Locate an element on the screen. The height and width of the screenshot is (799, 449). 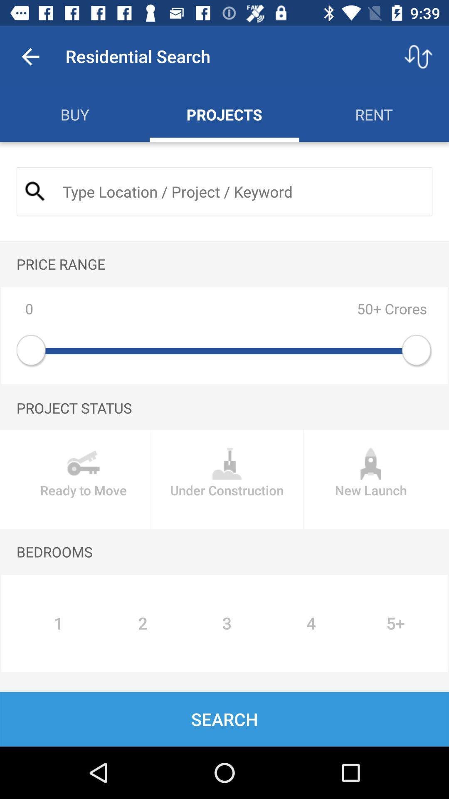
the right side of search icon is located at coordinates (240, 191).